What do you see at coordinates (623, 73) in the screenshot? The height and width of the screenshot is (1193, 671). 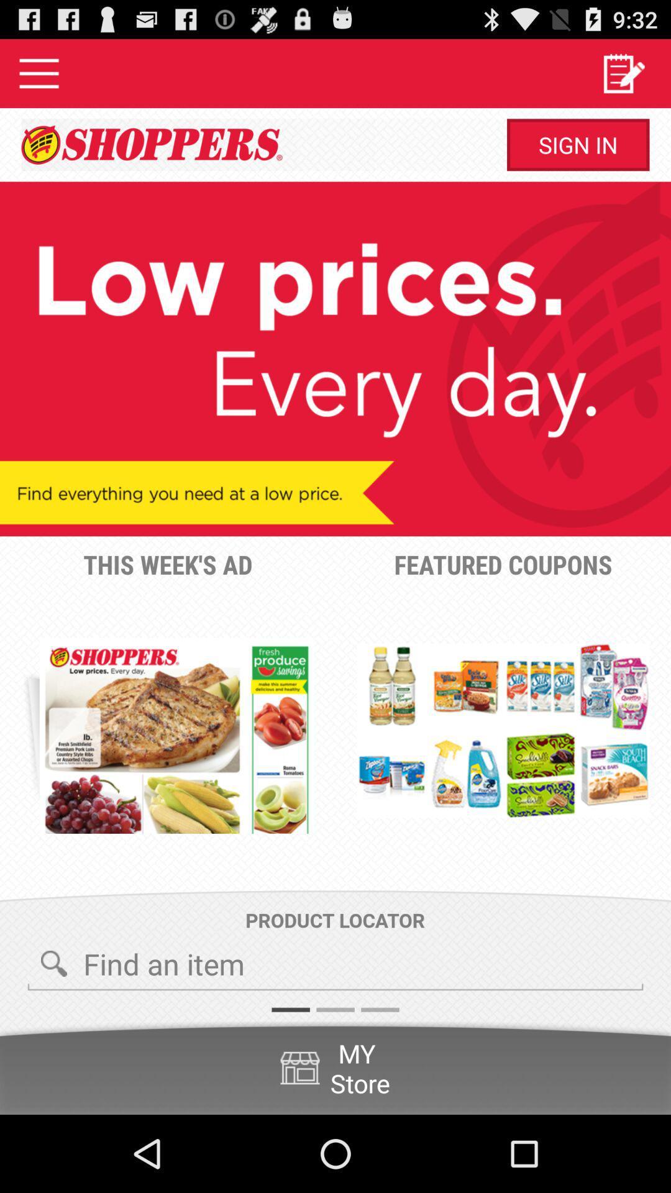 I see `icon above sign in button` at bounding box center [623, 73].